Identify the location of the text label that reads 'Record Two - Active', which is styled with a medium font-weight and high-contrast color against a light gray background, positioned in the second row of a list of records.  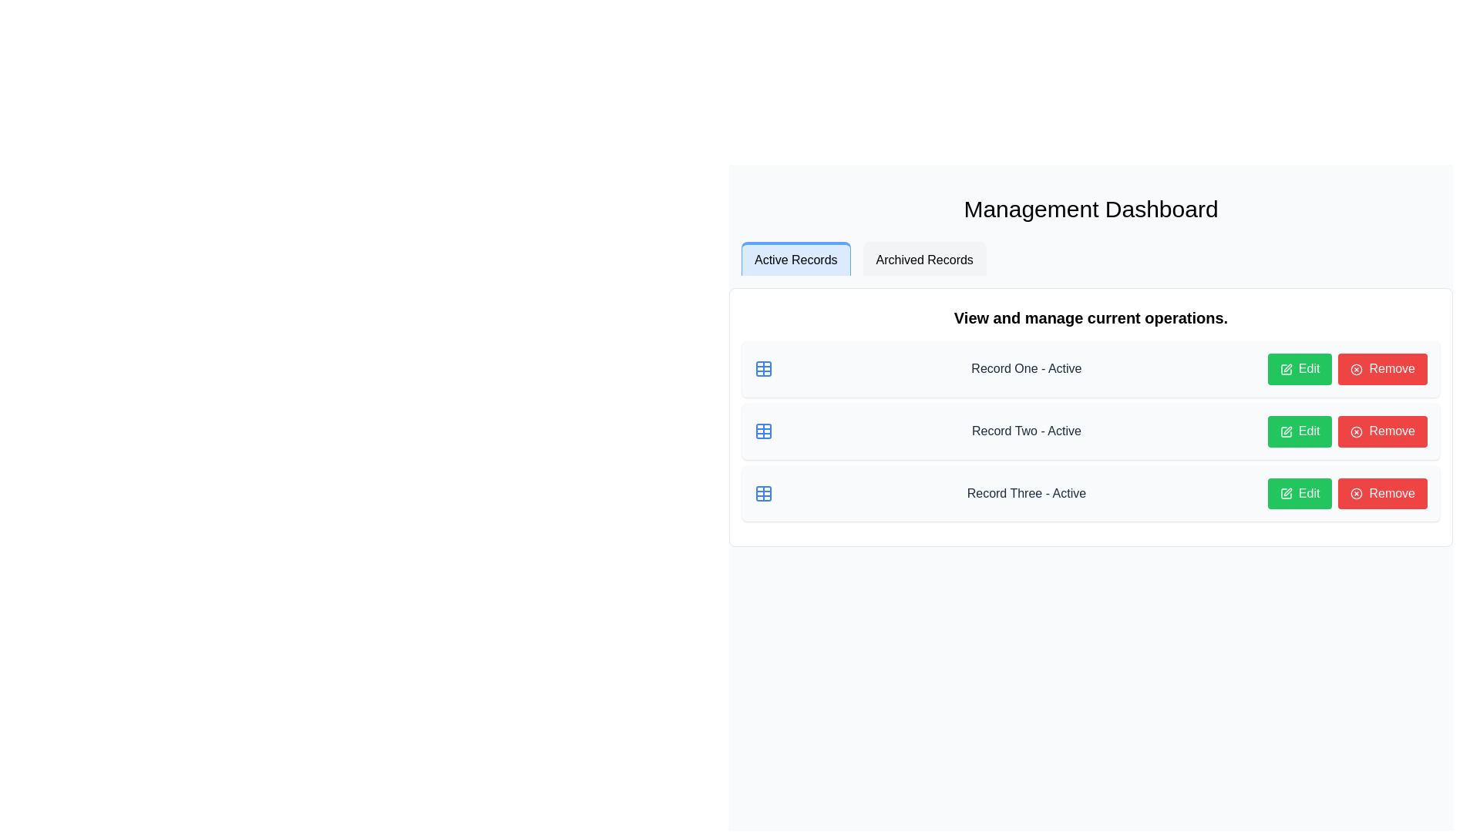
(1026, 431).